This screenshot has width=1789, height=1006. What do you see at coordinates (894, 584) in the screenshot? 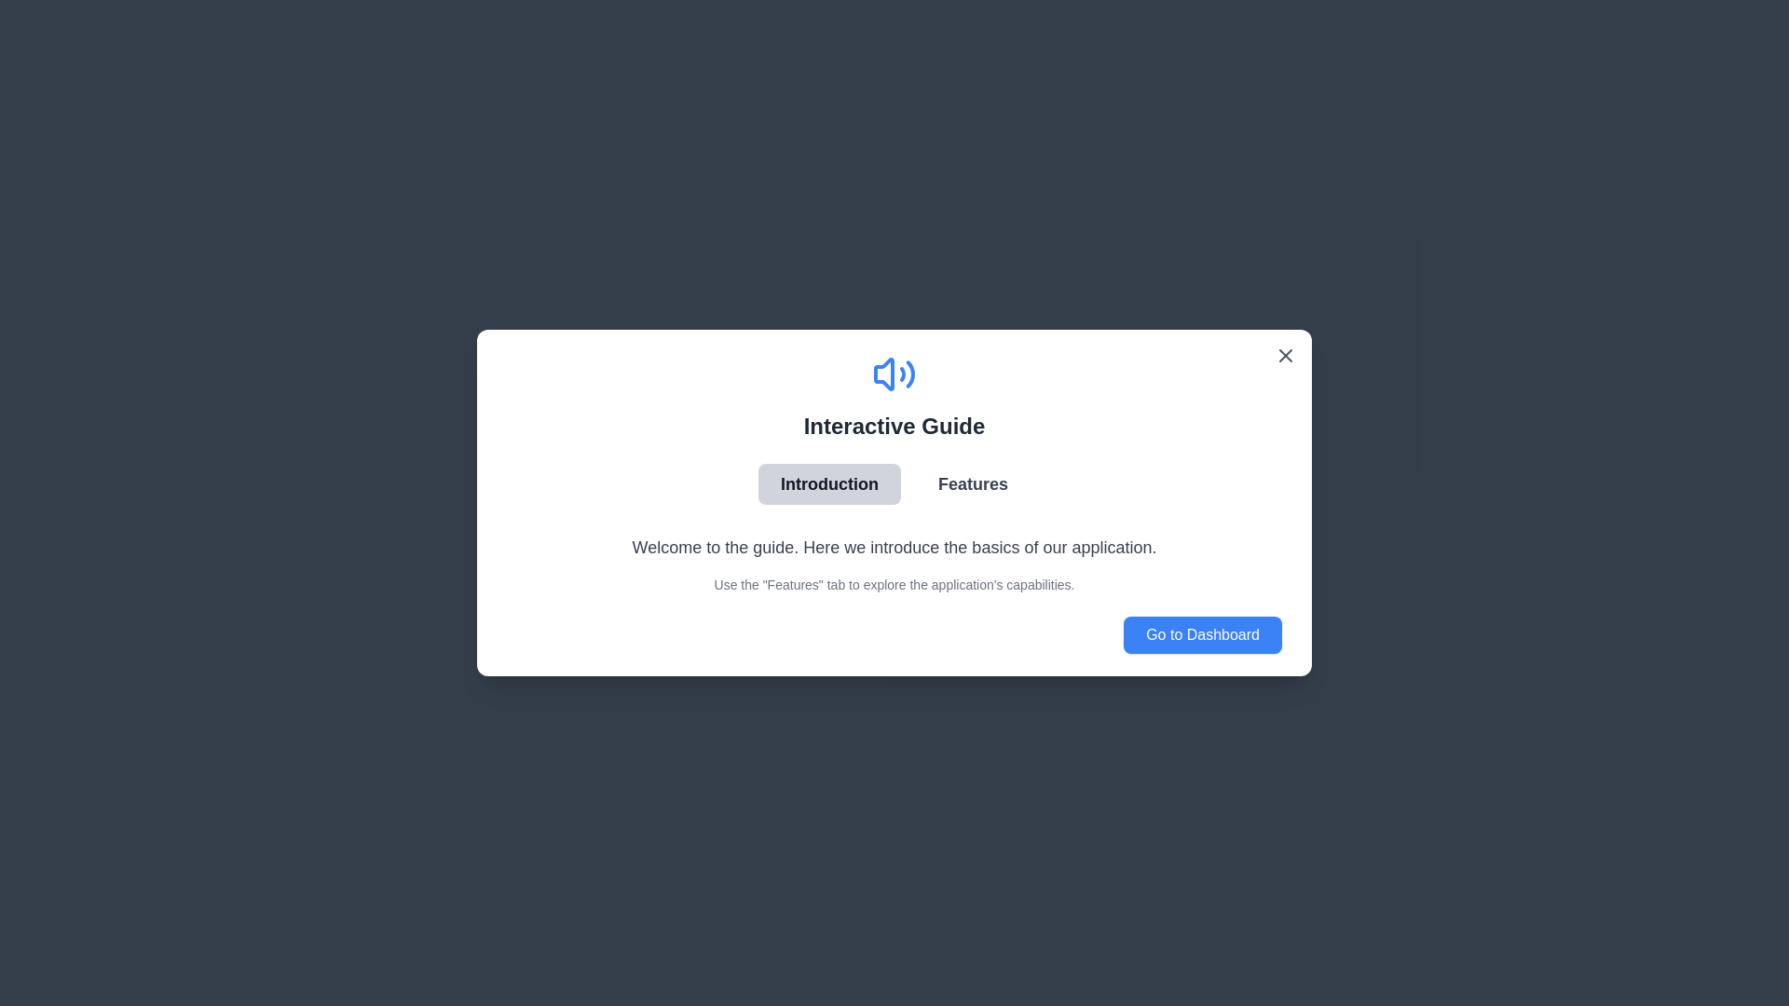
I see `static text that displays the message: 'Use the "Features" tab to explore the application's capabilities.' This text is small, gray, and positioned below the introductory message in the dialog box` at bounding box center [894, 584].